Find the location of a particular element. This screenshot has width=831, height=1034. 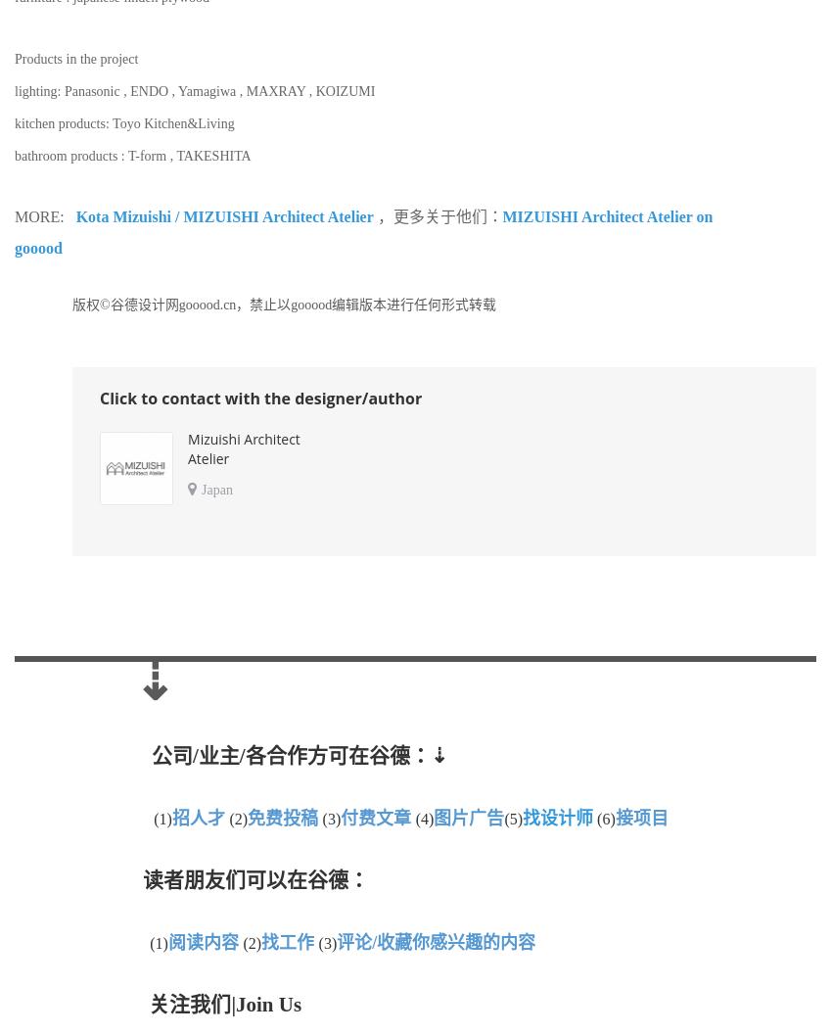

'Products in the project' is located at coordinates (76, 58).